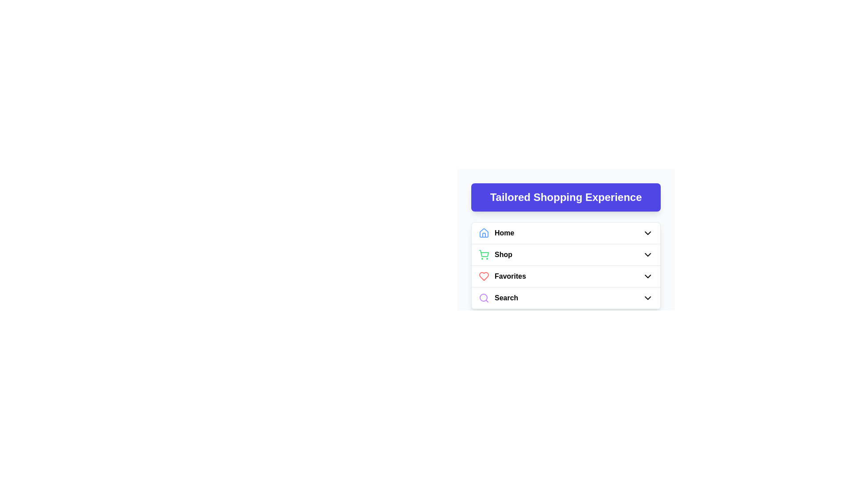 This screenshot has width=848, height=477. I want to click on the downward-pointing chevron icon located to the far right of the 'Home' list item, so click(648, 233).